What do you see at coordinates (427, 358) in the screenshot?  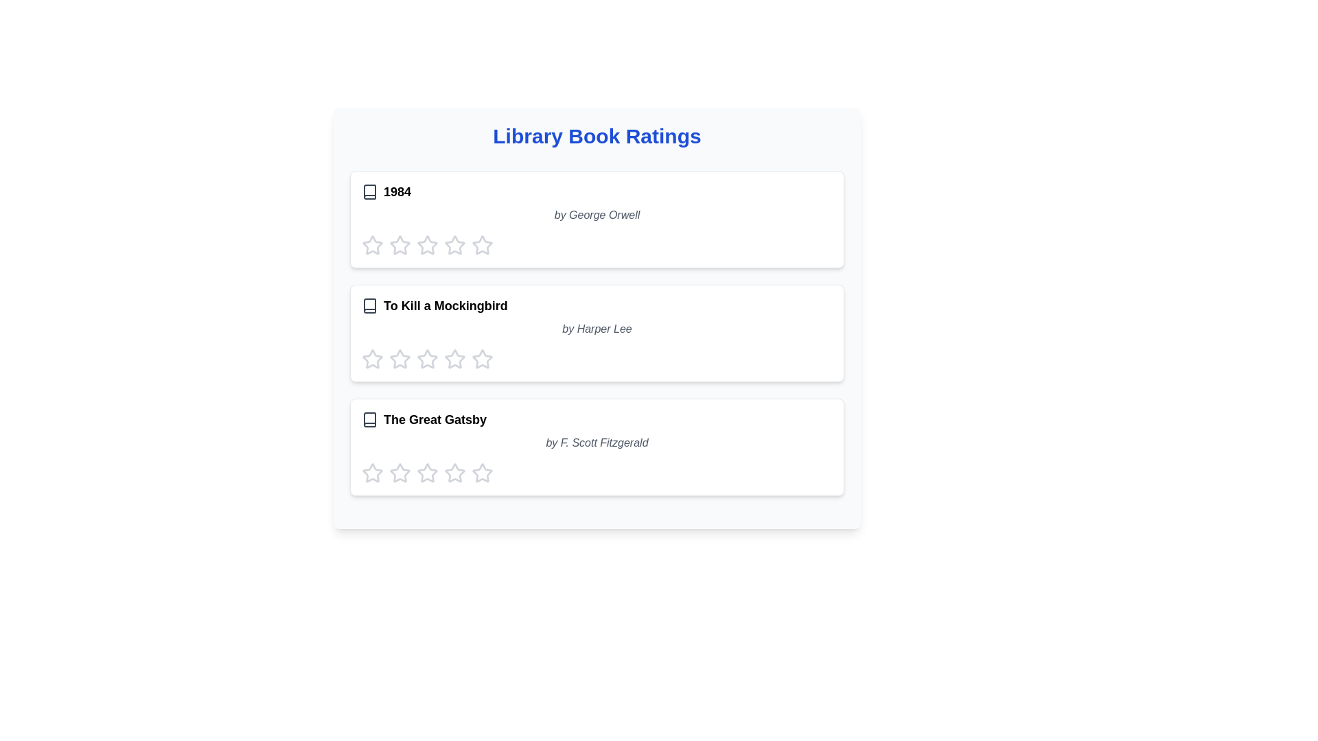 I see `the second Rating star icon in the row labeled 'To Kill a Mockingbird'` at bounding box center [427, 358].